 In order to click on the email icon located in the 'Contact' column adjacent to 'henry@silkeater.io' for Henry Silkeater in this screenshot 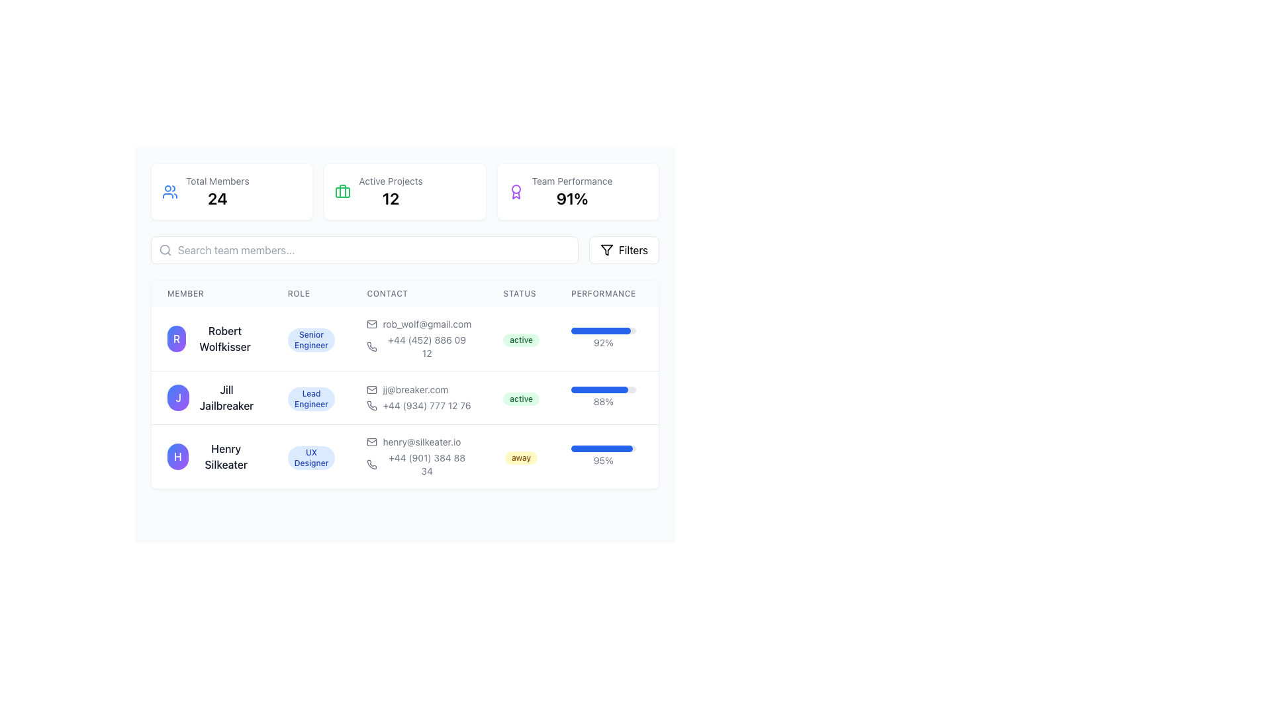, I will do `click(371, 442)`.